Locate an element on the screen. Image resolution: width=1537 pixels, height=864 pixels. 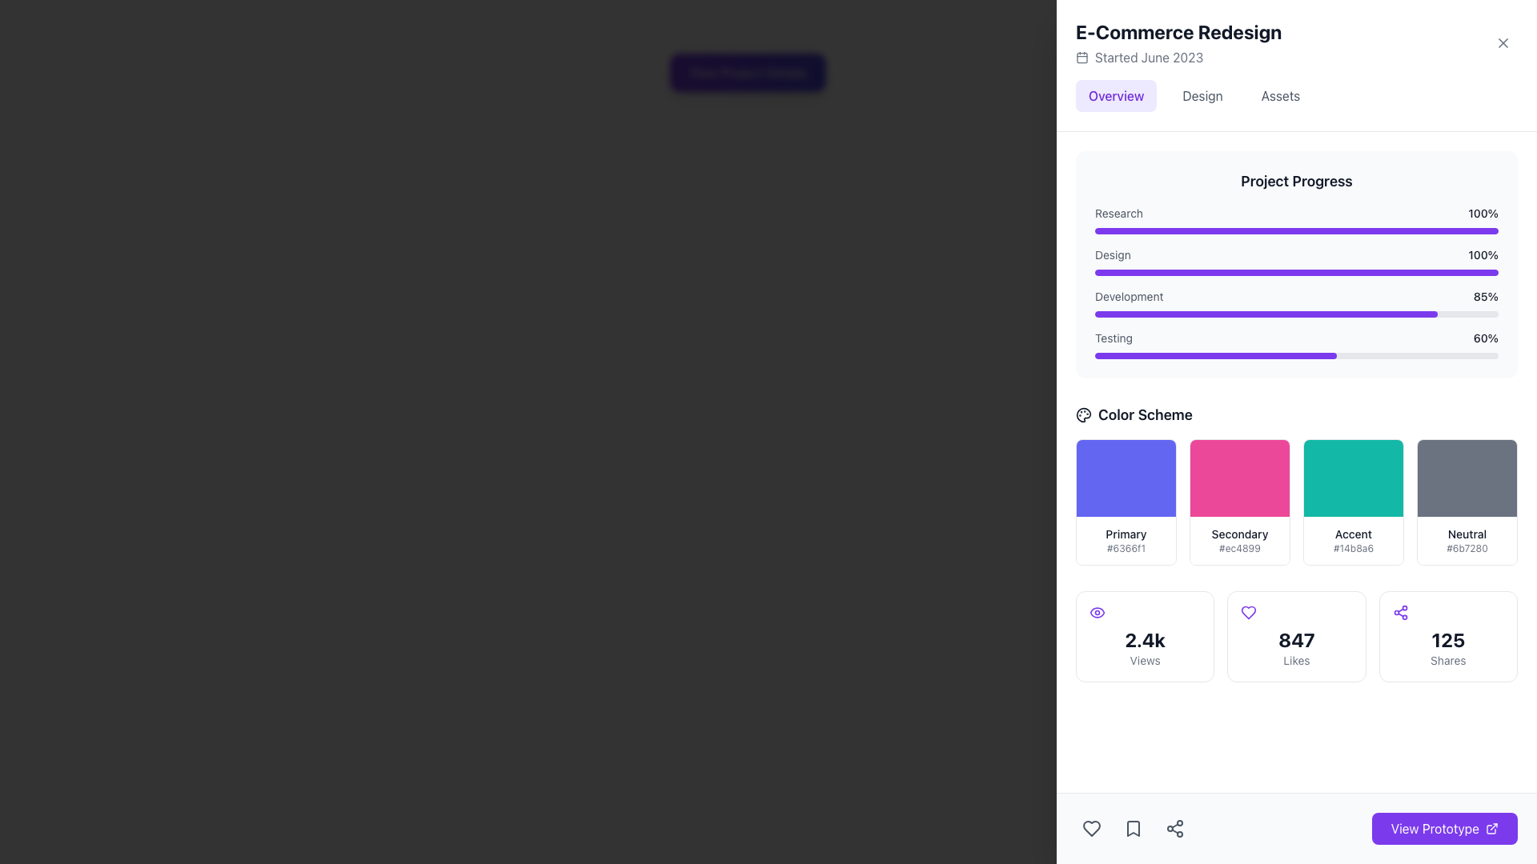
the heart icon representing the likes count, which is located directly above the numerical likes count '847' in the center column of the statistics is located at coordinates (1248, 612).